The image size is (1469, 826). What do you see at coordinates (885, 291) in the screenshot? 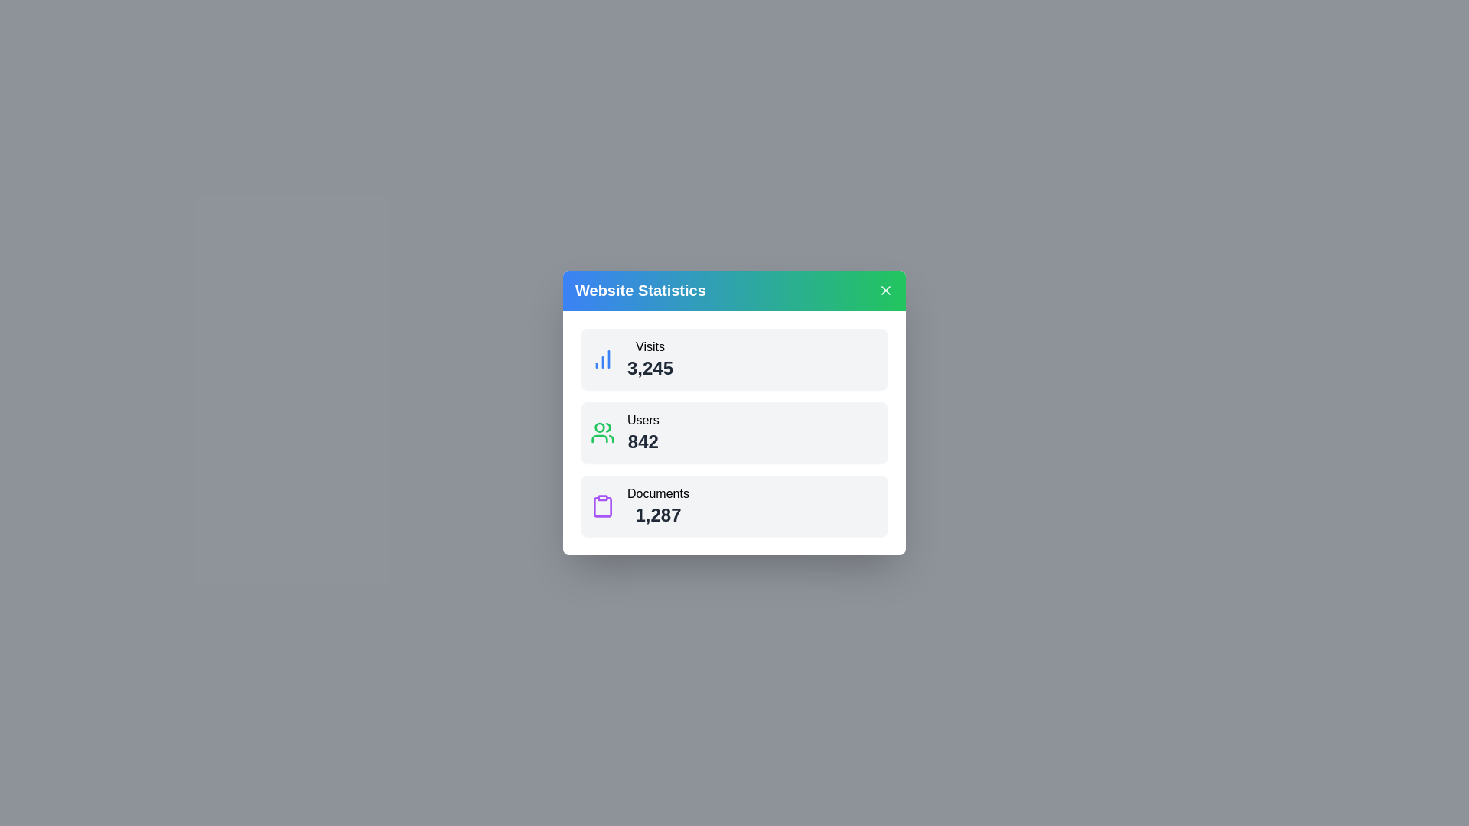
I see `the close button to close the dialog` at bounding box center [885, 291].